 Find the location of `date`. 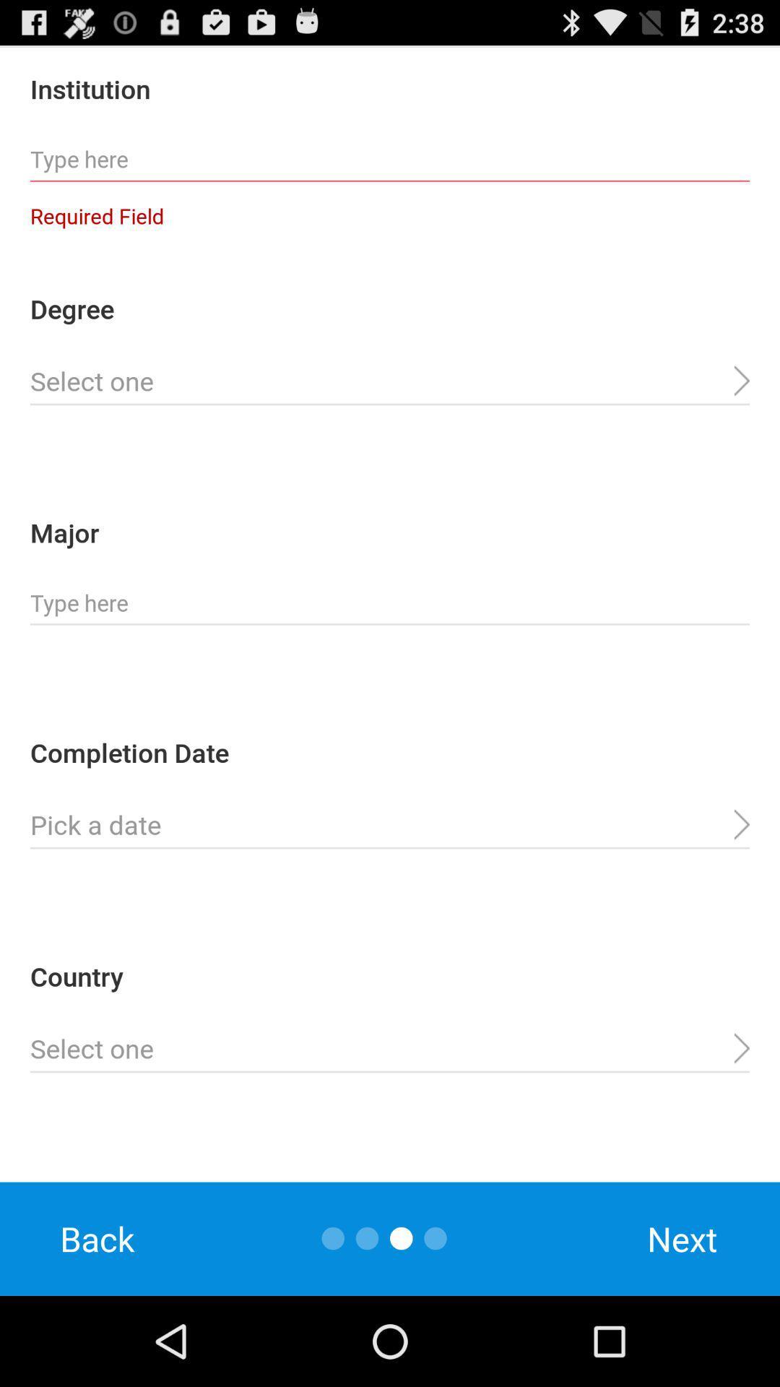

date is located at coordinates (390, 825).